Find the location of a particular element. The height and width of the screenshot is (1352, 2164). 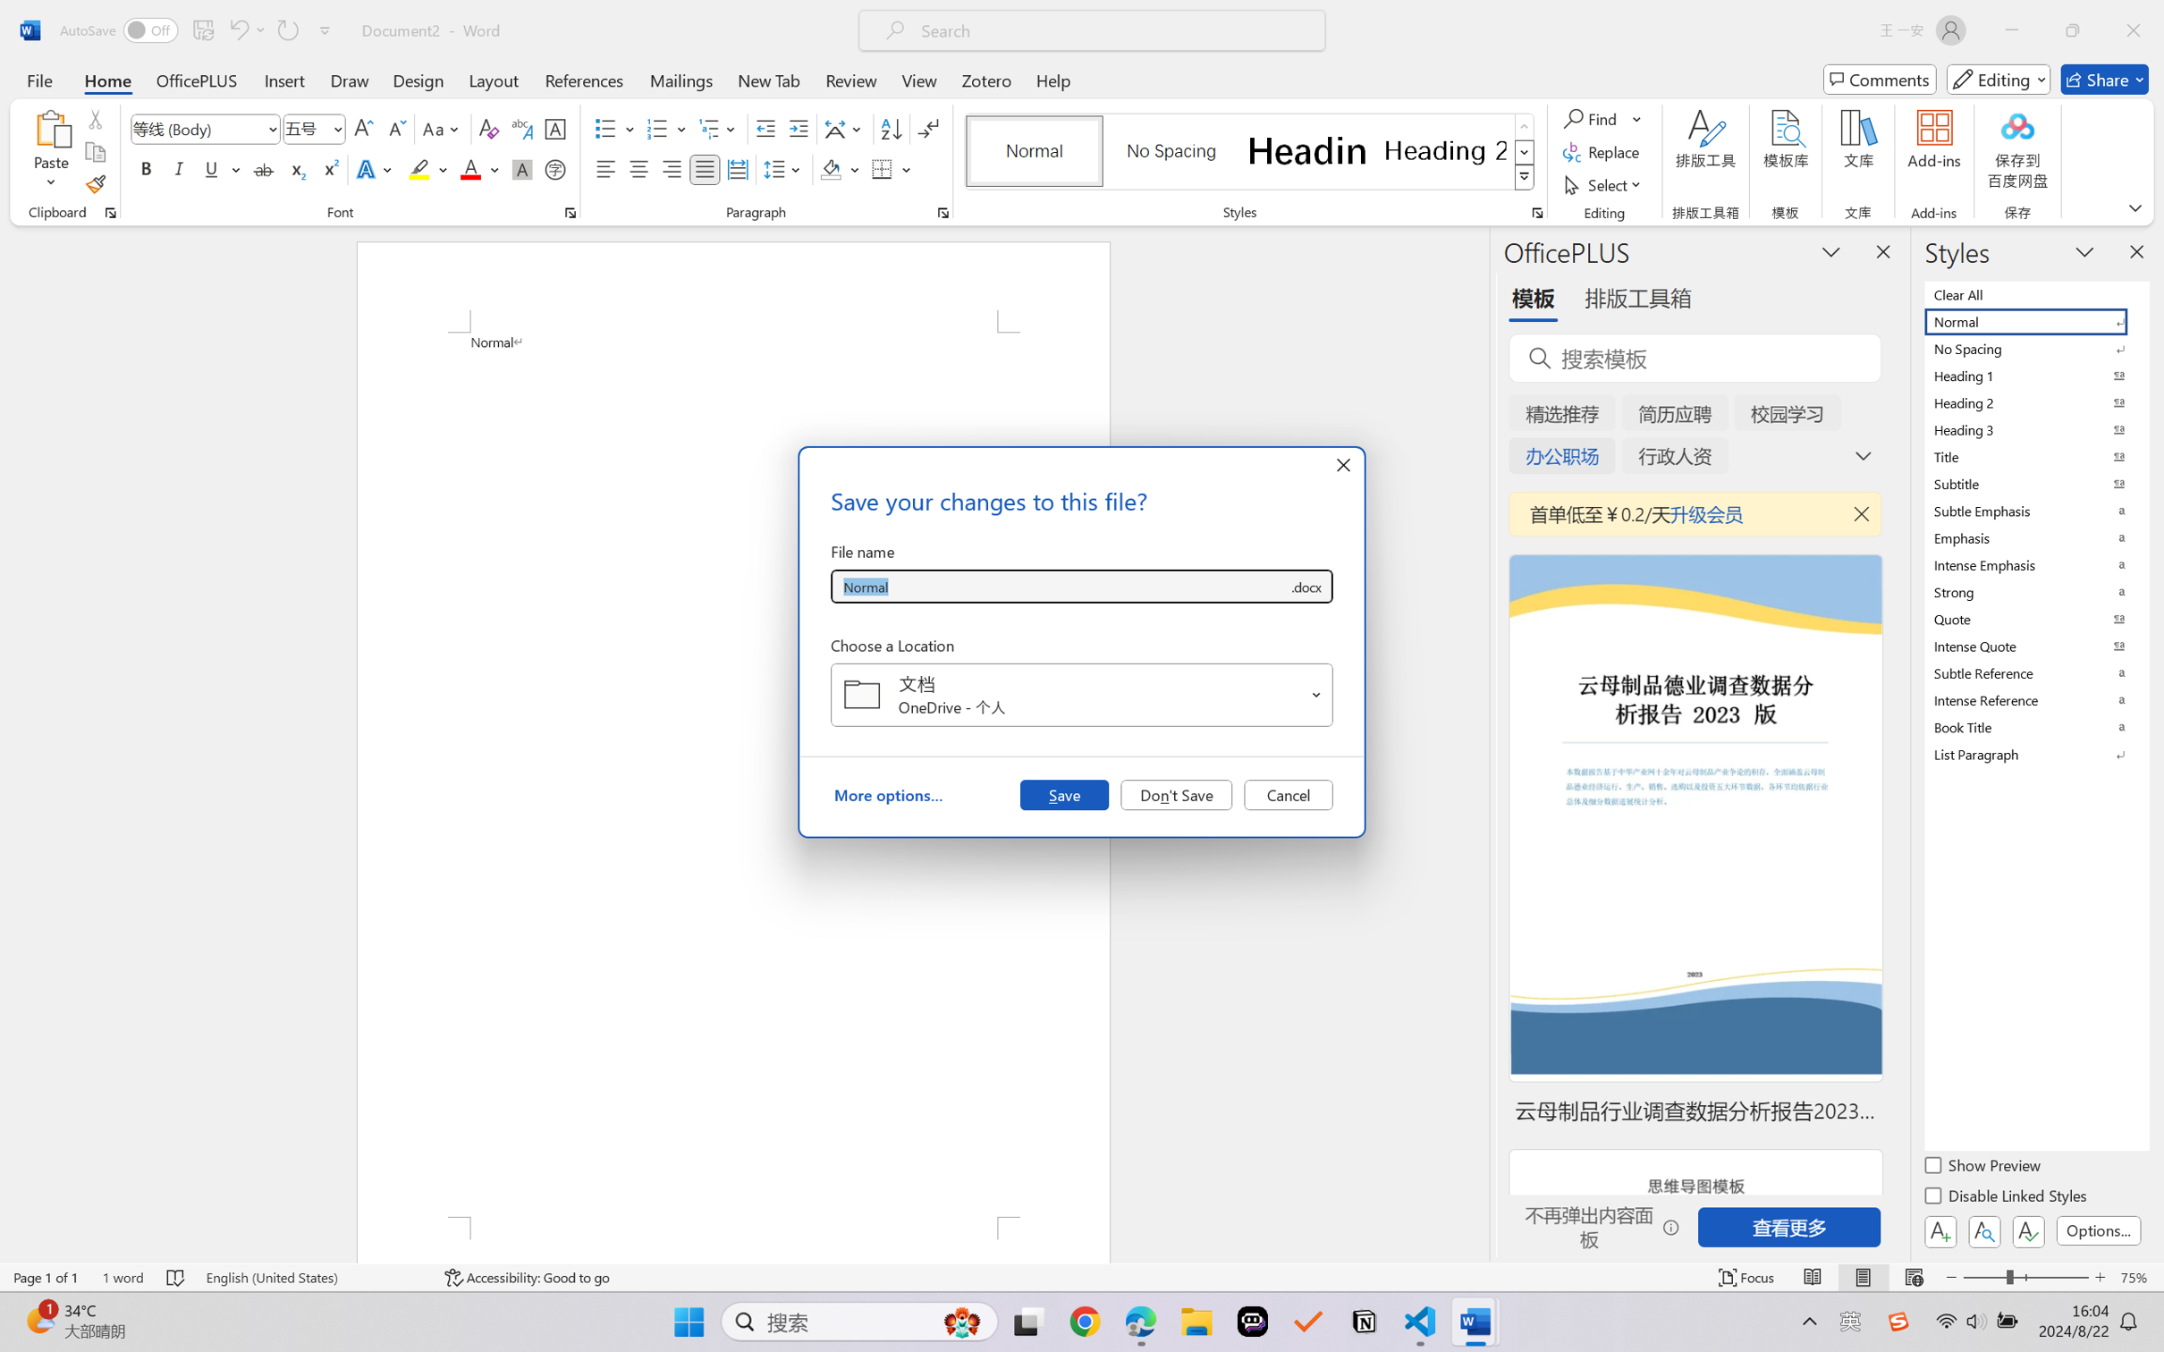

'Read Mode' is located at coordinates (1813, 1277).